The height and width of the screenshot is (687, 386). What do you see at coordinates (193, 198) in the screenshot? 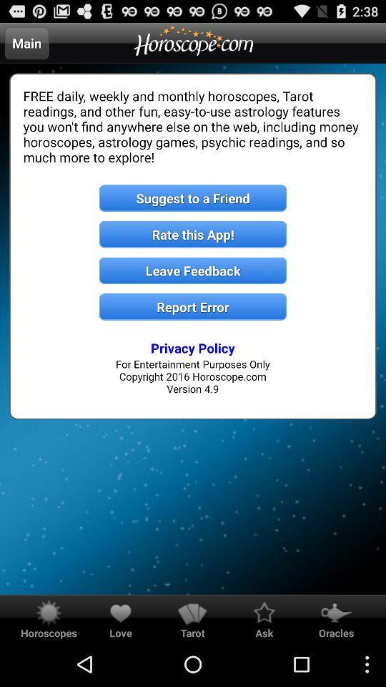
I see `the suggest to a item` at bounding box center [193, 198].